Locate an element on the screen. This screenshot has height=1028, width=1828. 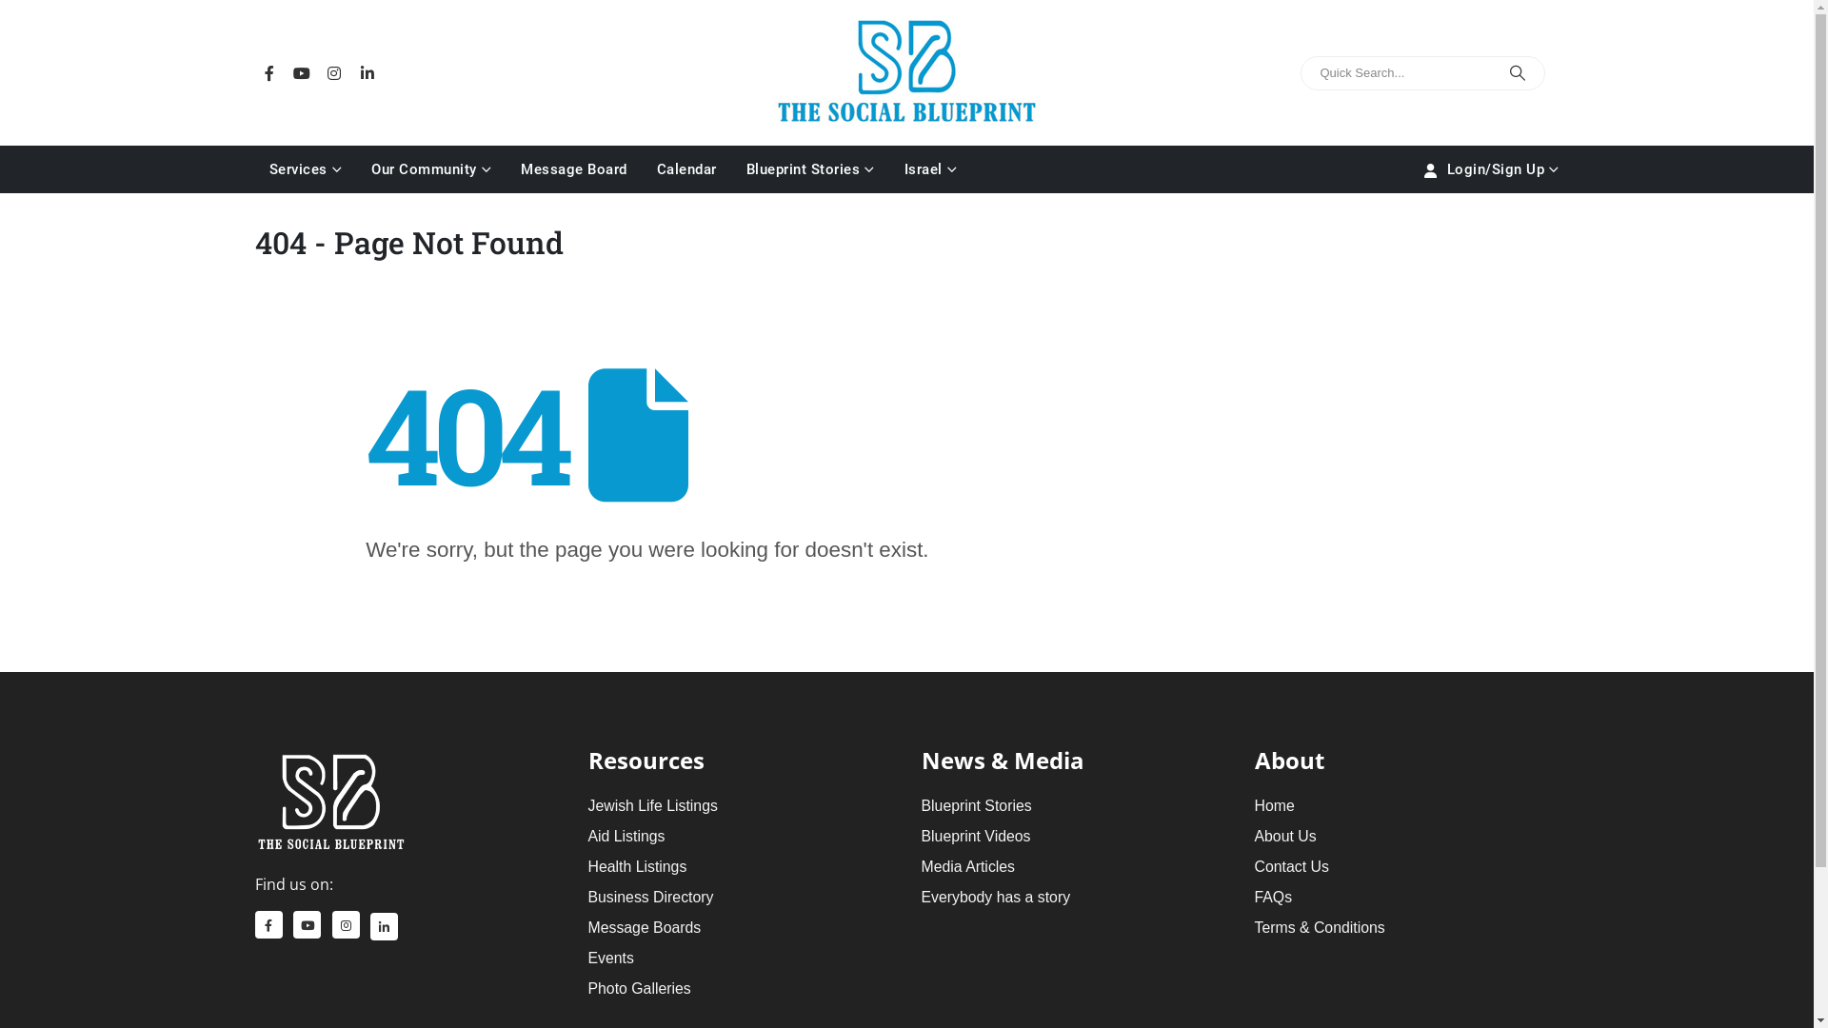
'Search' is located at coordinates (1516, 72).